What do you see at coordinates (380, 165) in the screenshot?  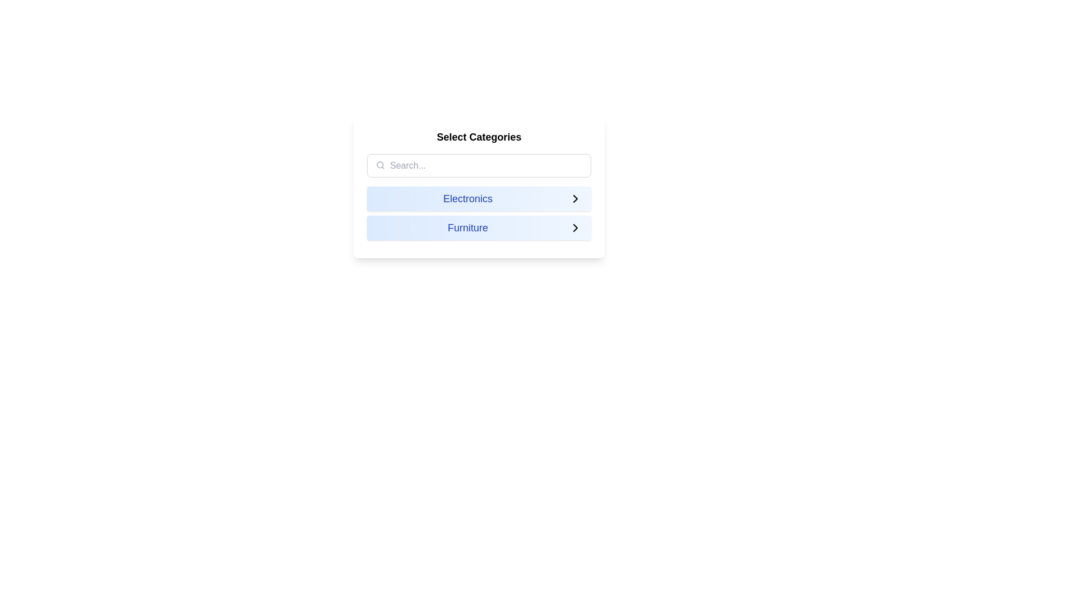 I see `the magnifying glass icon located inside the search input field, aligned with the placeholder text 'Search...' on the left side of the input field` at bounding box center [380, 165].